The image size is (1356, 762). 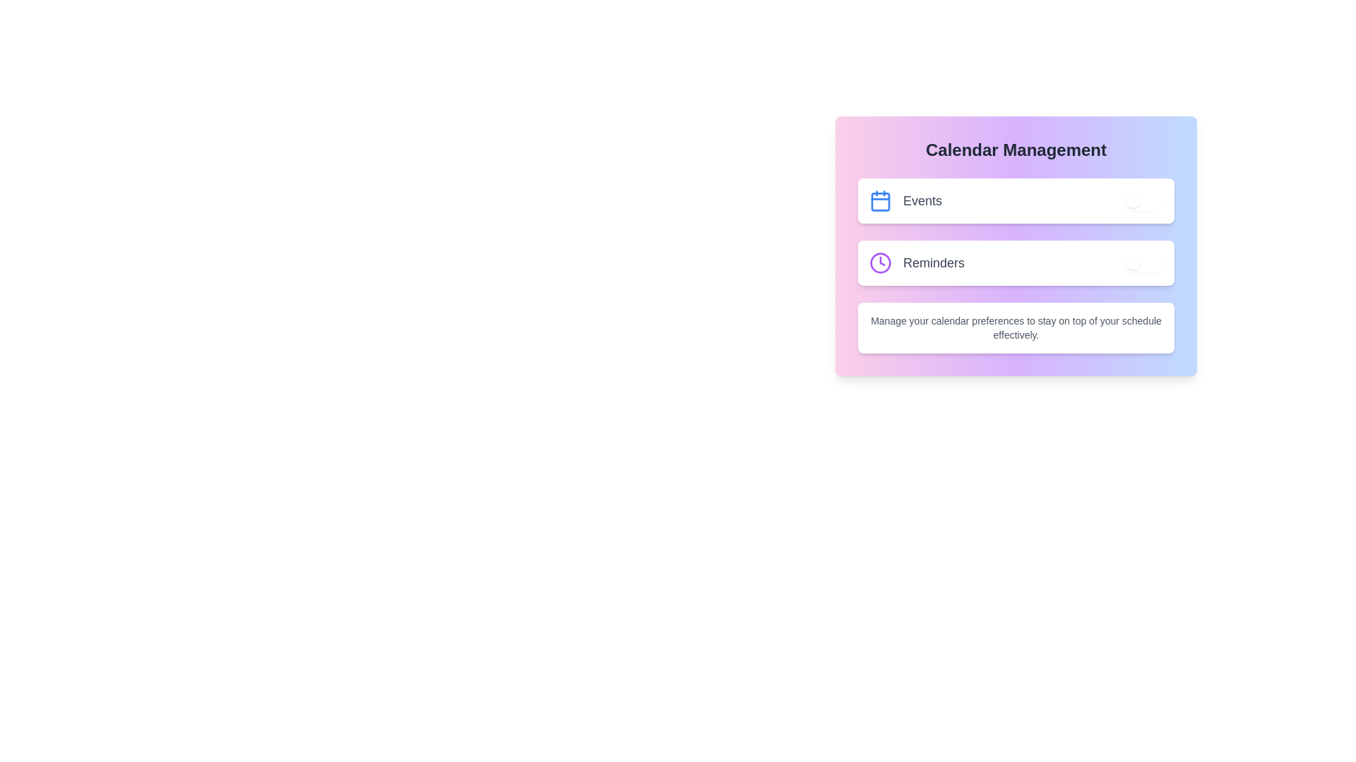 What do you see at coordinates (880, 201) in the screenshot?
I see `the 'Calendar' icon to focus on the events setting` at bounding box center [880, 201].